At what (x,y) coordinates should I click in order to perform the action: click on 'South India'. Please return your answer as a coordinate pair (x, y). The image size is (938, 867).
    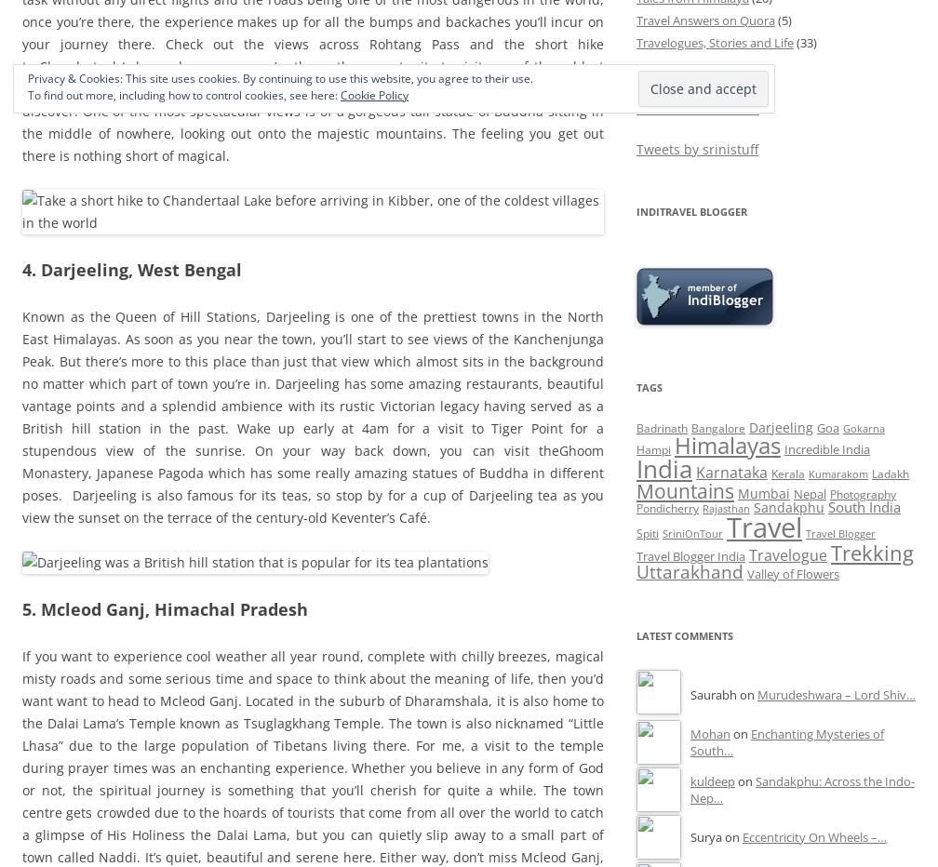
    Looking at the image, I should click on (864, 507).